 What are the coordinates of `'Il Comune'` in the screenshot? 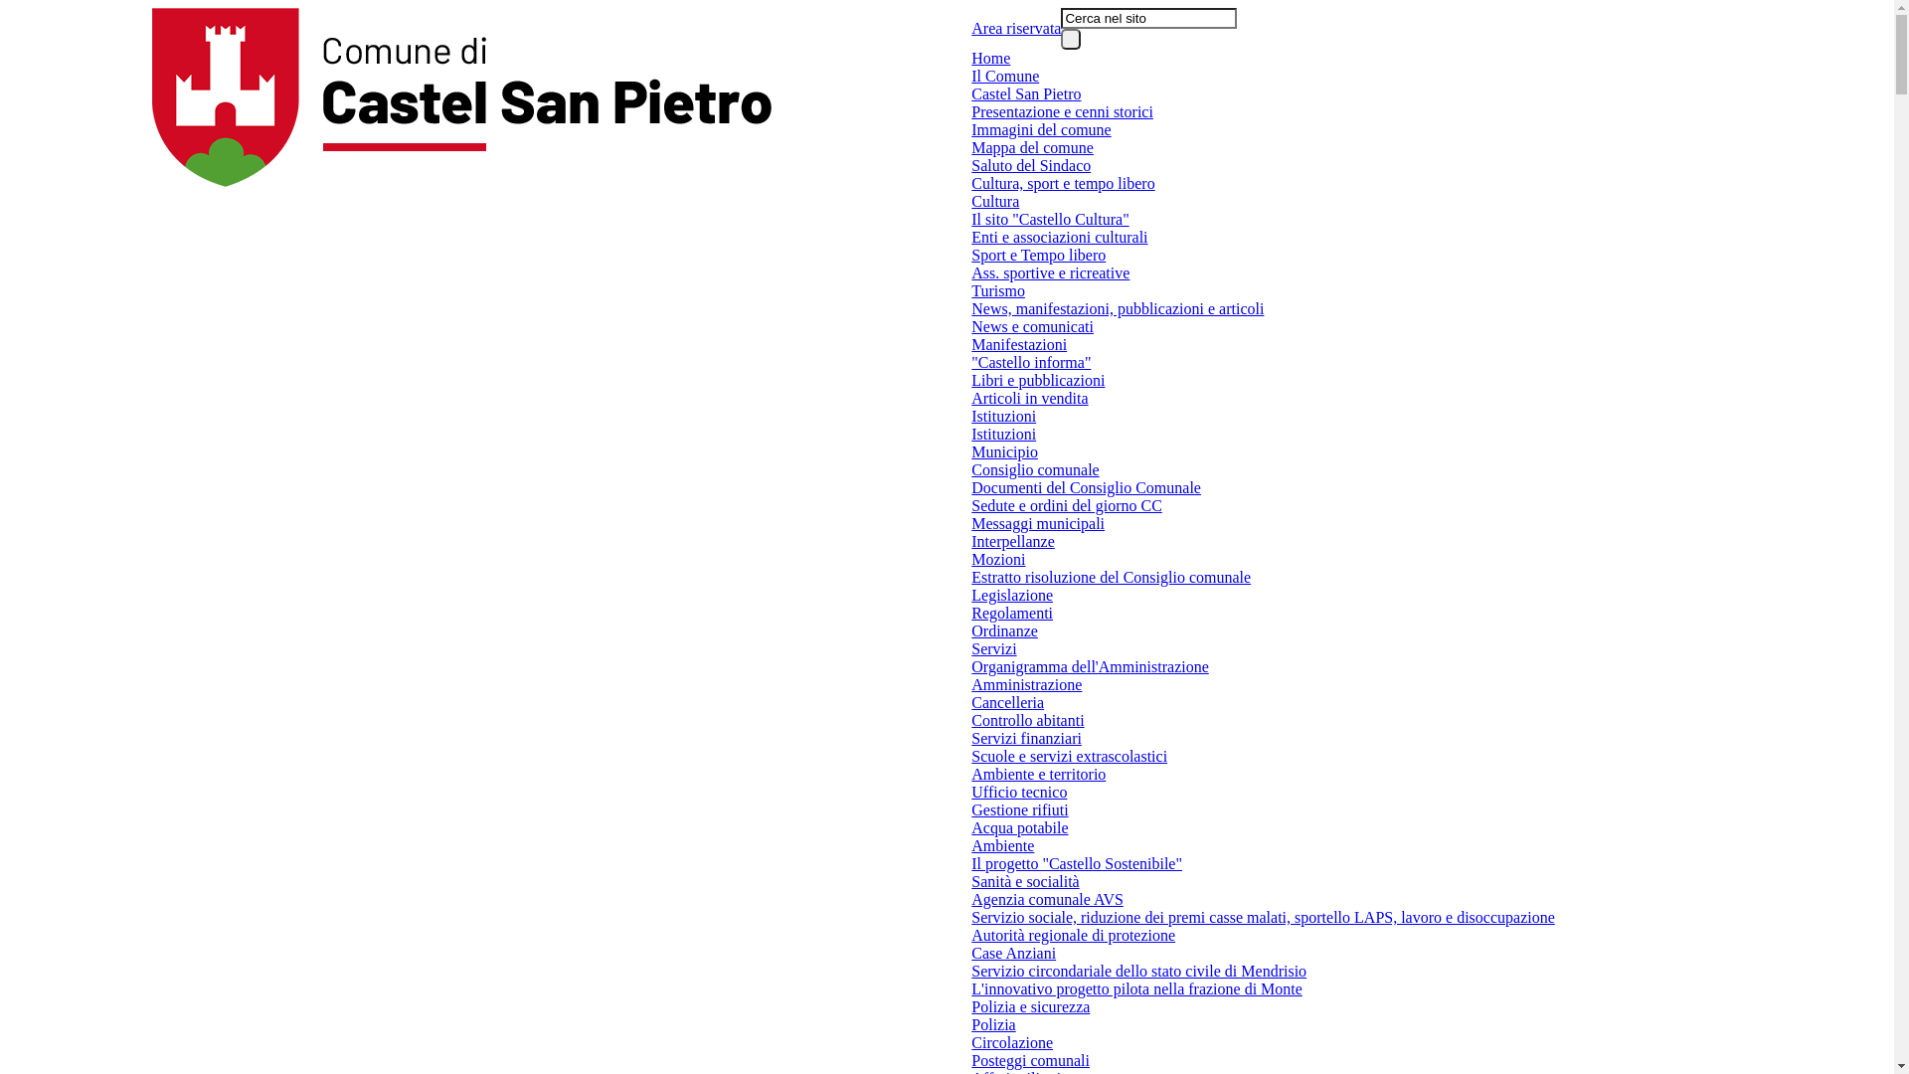 It's located at (1005, 76).